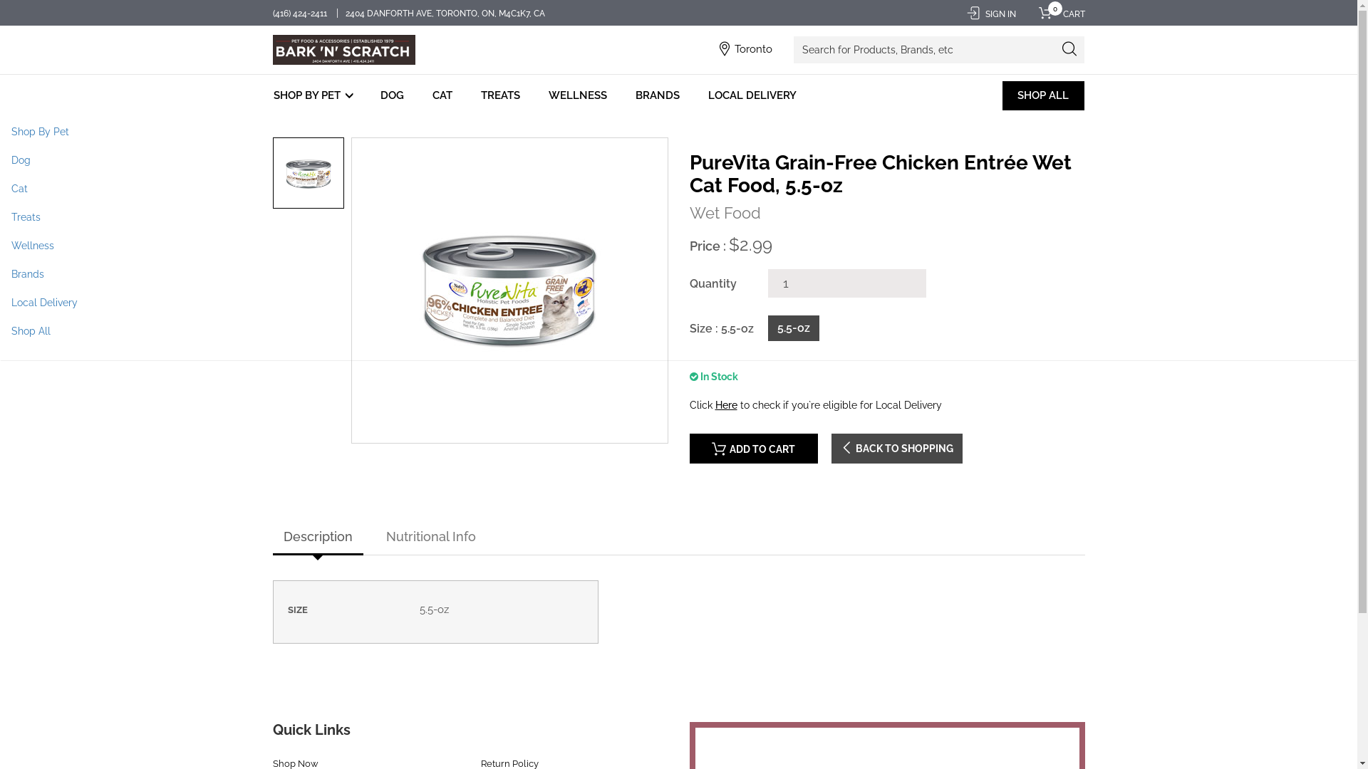  Describe the element at coordinates (655, 95) in the screenshot. I see `'BRANDS'` at that location.